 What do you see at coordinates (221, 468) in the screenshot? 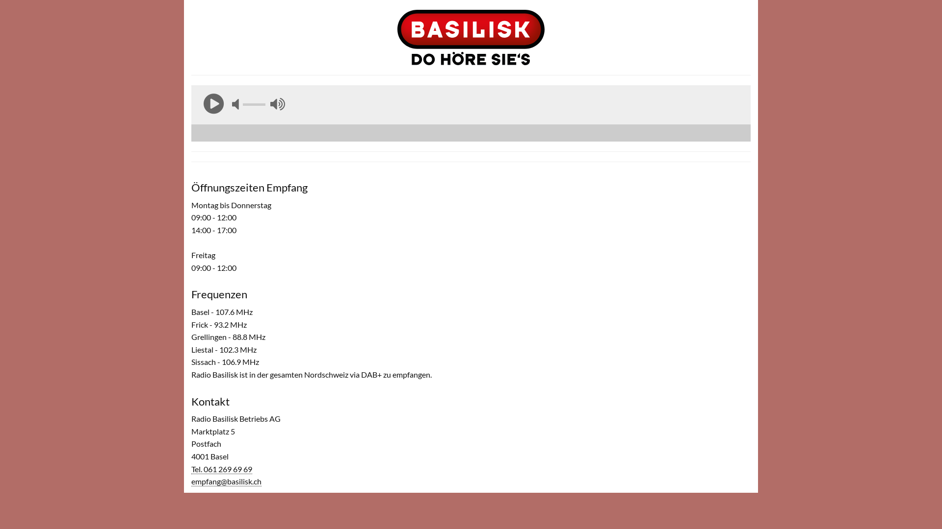
I see `'Tel. 061 269 69 69'` at bounding box center [221, 468].